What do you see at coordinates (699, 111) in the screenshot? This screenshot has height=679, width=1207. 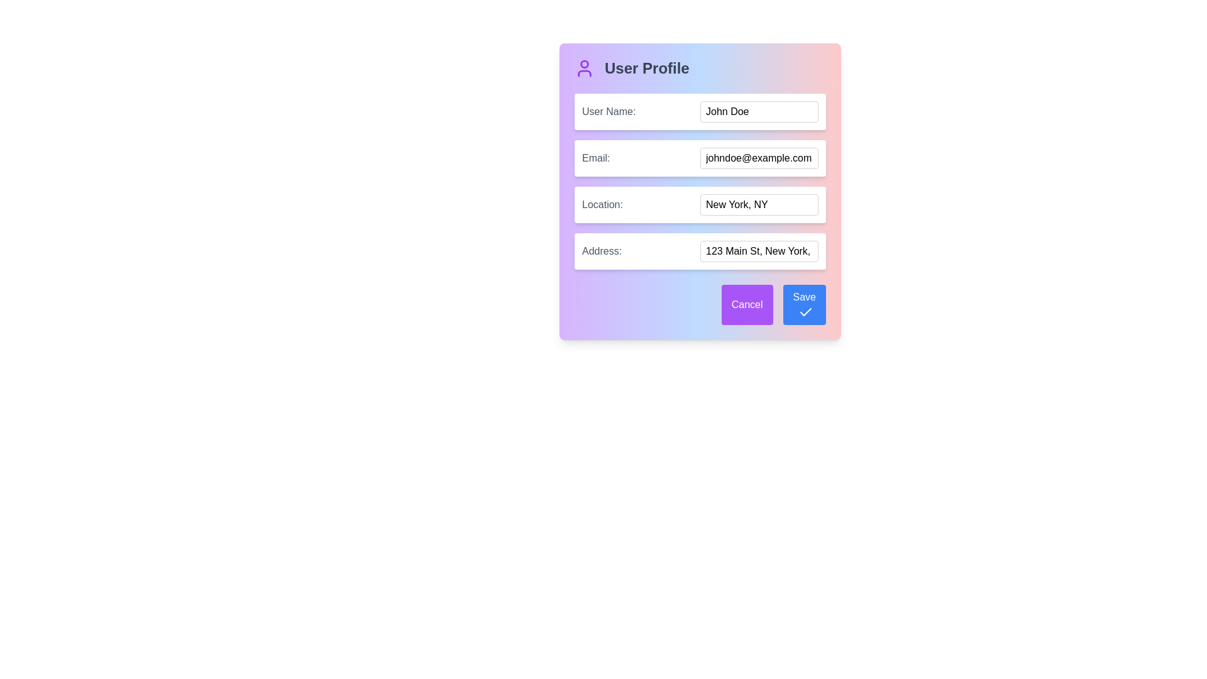 I see `the 'User Name' input field to focus on it, allowing the user to enter or modify the displayed name` at bounding box center [699, 111].